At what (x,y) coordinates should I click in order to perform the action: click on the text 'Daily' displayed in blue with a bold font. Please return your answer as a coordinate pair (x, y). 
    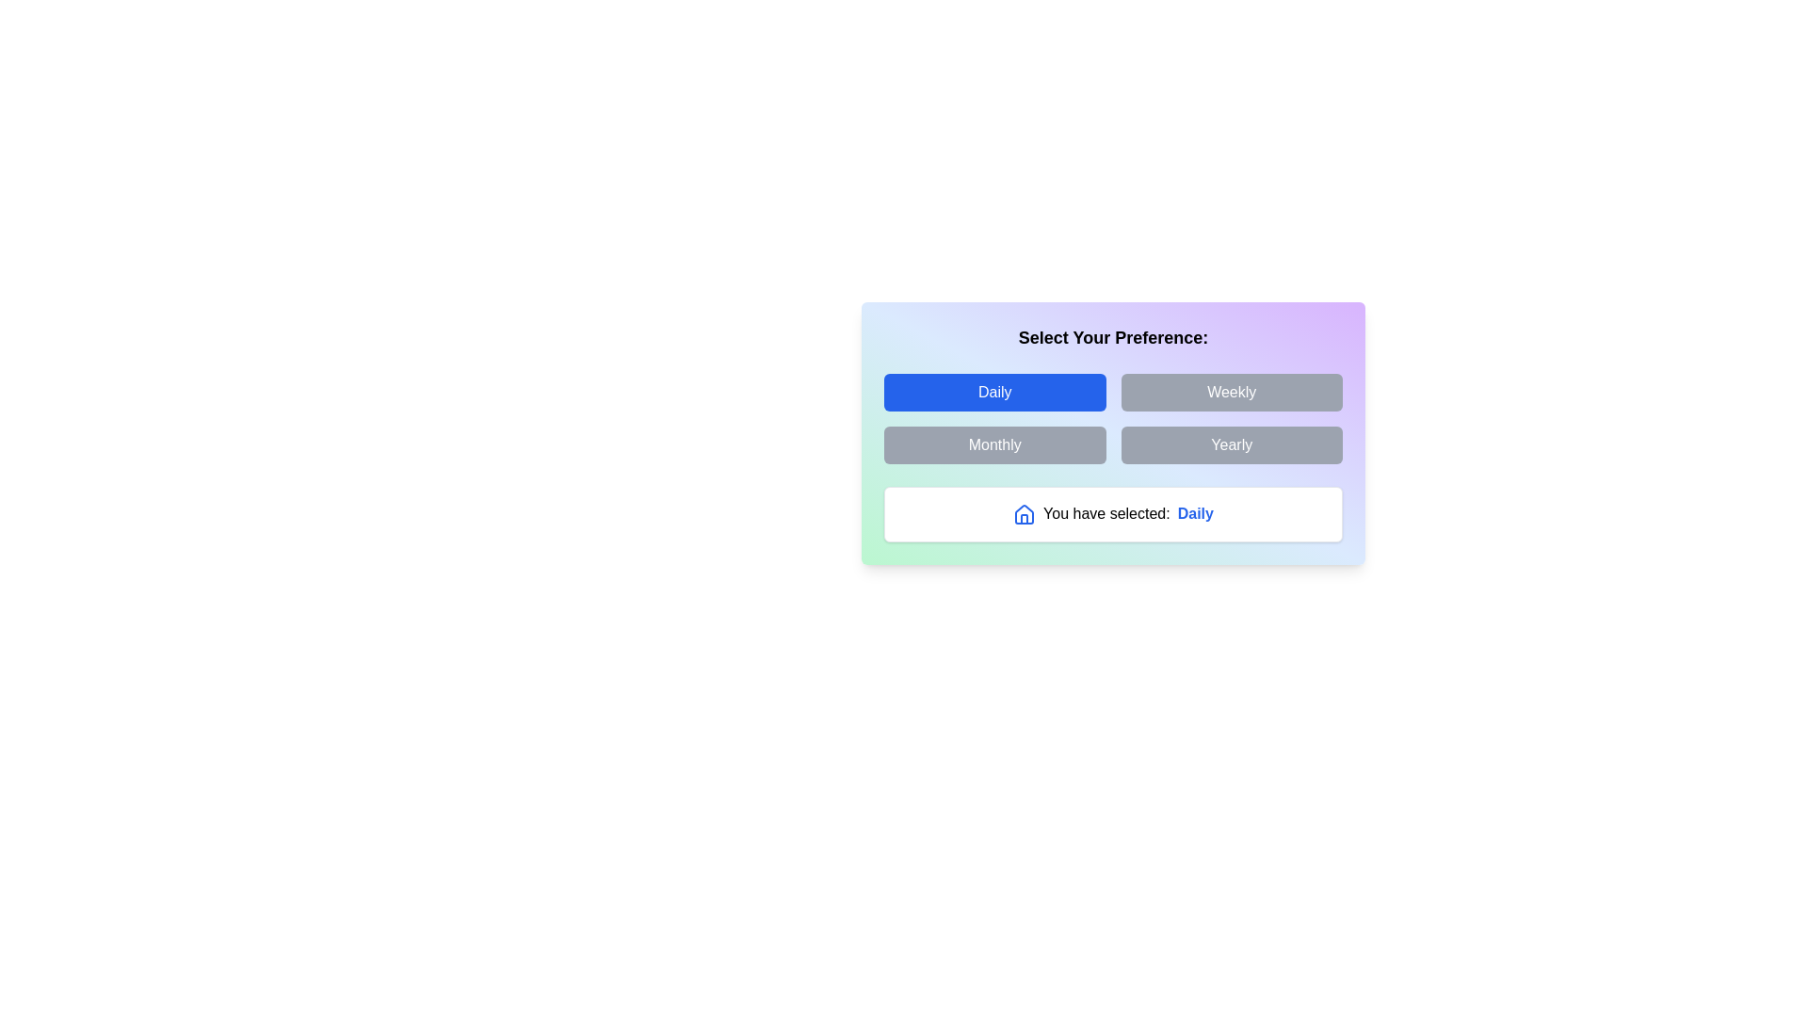
    Looking at the image, I should click on (1194, 513).